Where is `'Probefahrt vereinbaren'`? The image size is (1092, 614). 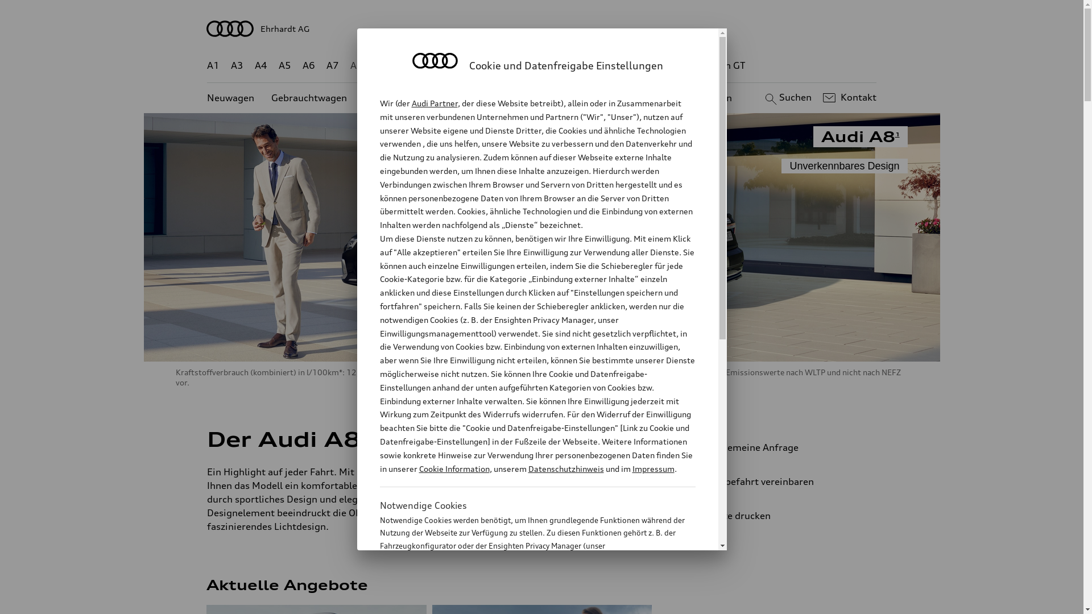 'Probefahrt vereinbaren' is located at coordinates (778, 482).